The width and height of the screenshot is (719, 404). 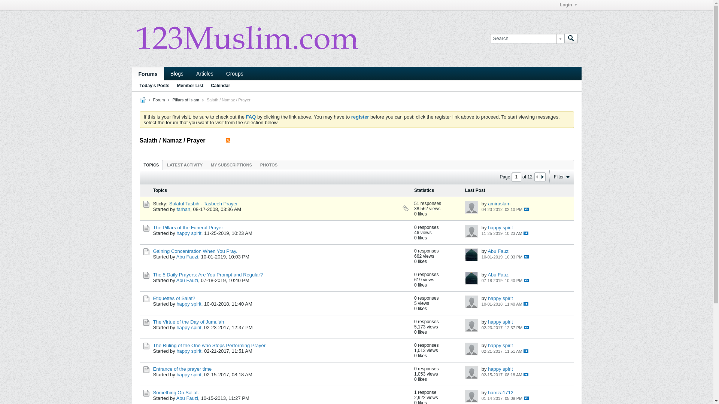 What do you see at coordinates (471, 396) in the screenshot?
I see `'hamza1712'` at bounding box center [471, 396].